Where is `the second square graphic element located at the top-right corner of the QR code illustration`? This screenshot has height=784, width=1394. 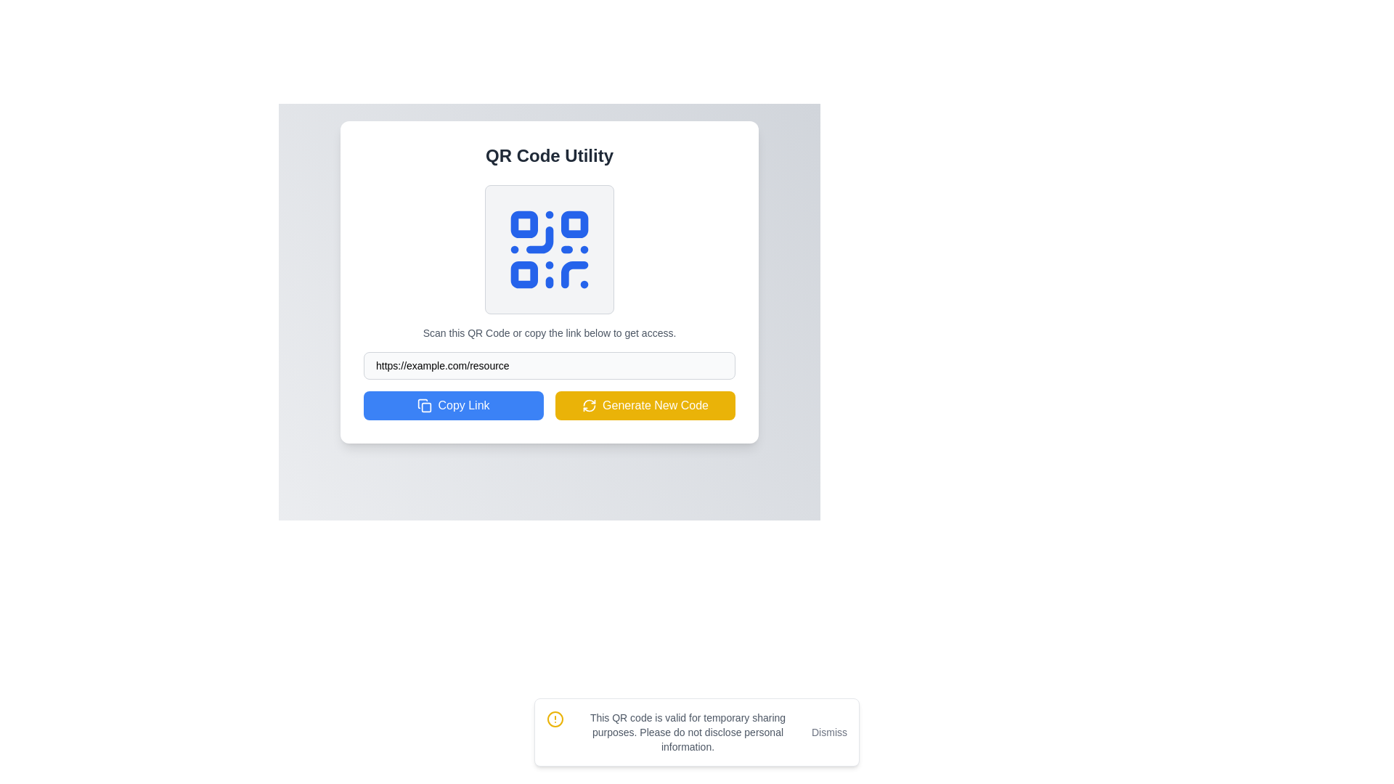 the second square graphic element located at the top-right corner of the QR code illustration is located at coordinates (574, 224).